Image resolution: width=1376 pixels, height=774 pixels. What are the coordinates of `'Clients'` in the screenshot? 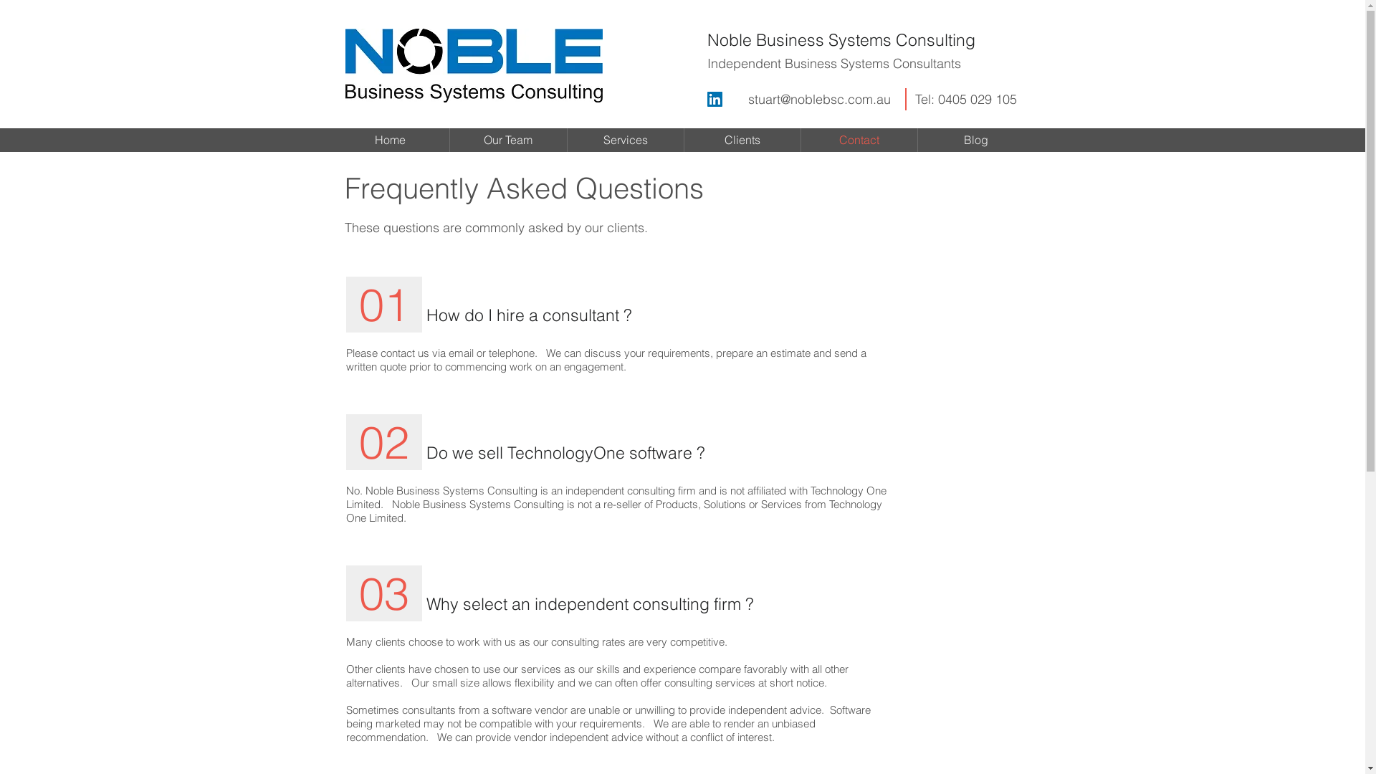 It's located at (742, 140).